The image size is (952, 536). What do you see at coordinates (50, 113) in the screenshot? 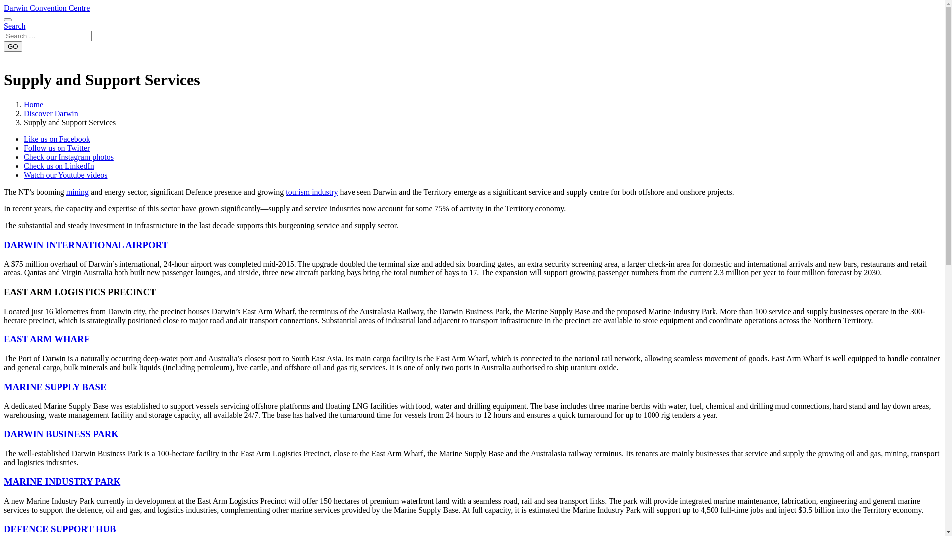
I see `'Discover Darwin'` at bounding box center [50, 113].